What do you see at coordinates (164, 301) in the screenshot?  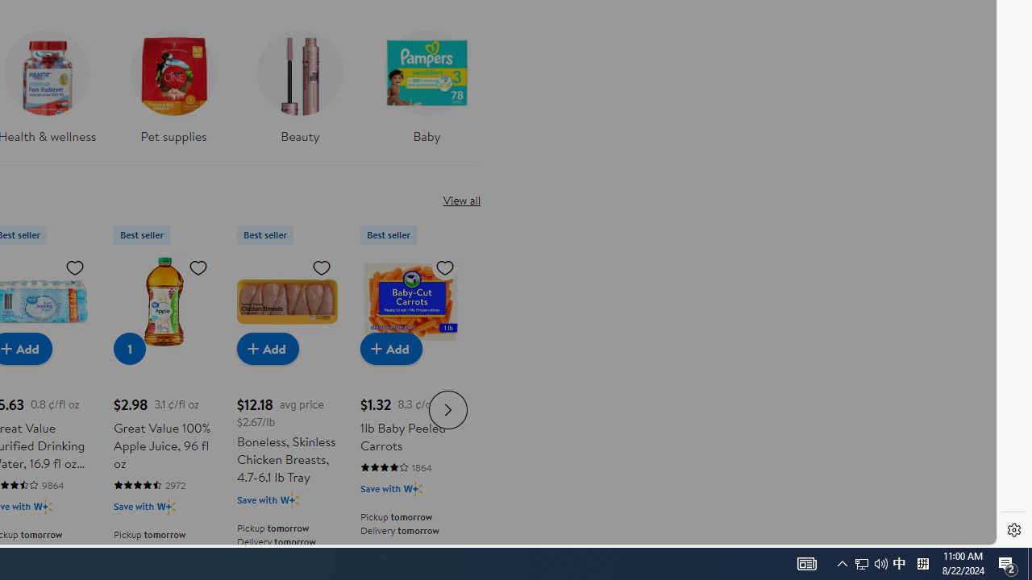 I see `'Great Value 100% Apple Juice, 96 fl oz'` at bounding box center [164, 301].